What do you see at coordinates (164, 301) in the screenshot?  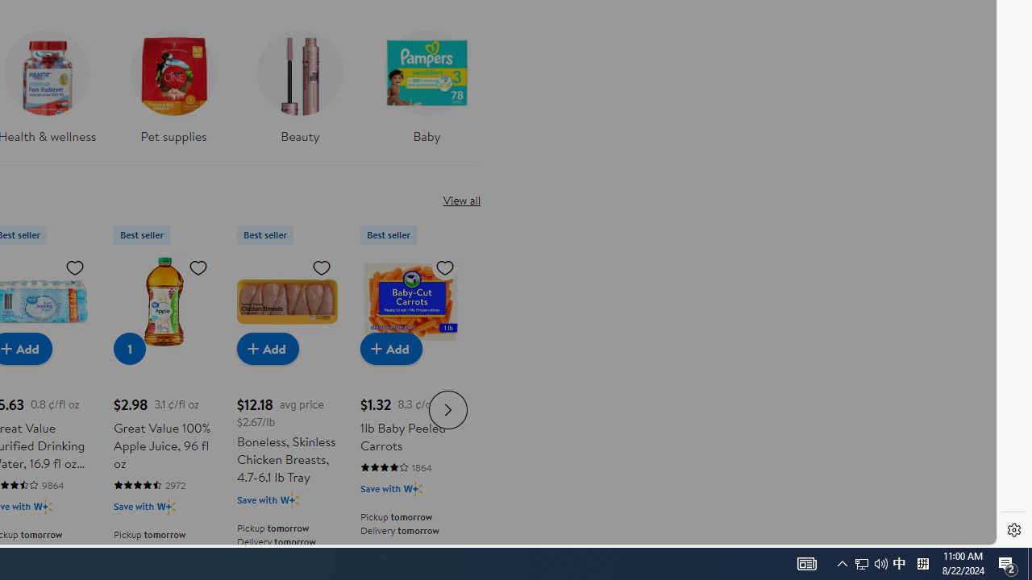 I see `'Great Value 100% Apple Juice, 96 fl oz'` at bounding box center [164, 301].